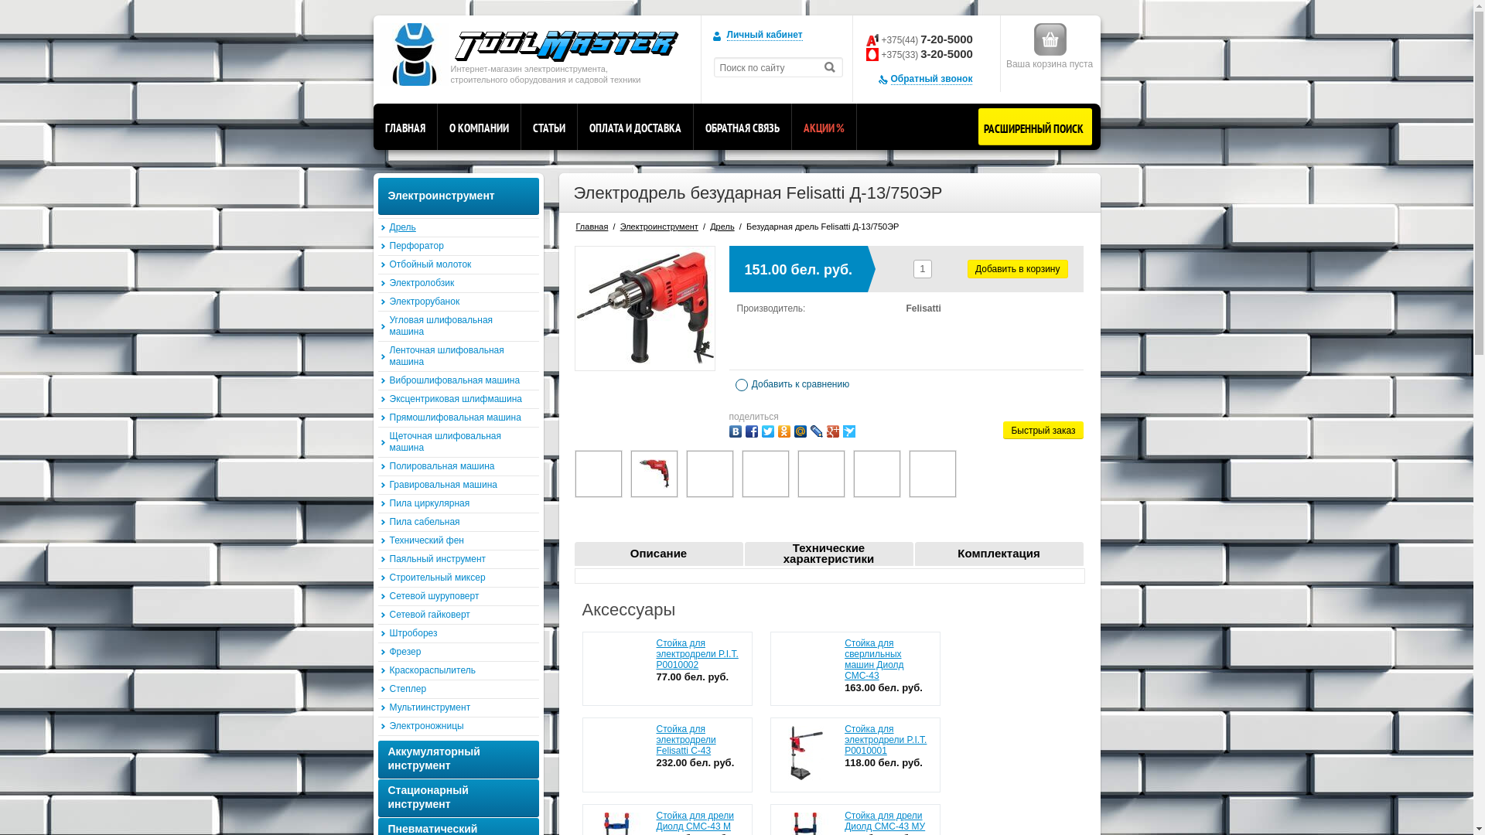 This screenshot has height=835, width=1485. What do you see at coordinates (751, 431) in the screenshot?
I see `'Facebook'` at bounding box center [751, 431].